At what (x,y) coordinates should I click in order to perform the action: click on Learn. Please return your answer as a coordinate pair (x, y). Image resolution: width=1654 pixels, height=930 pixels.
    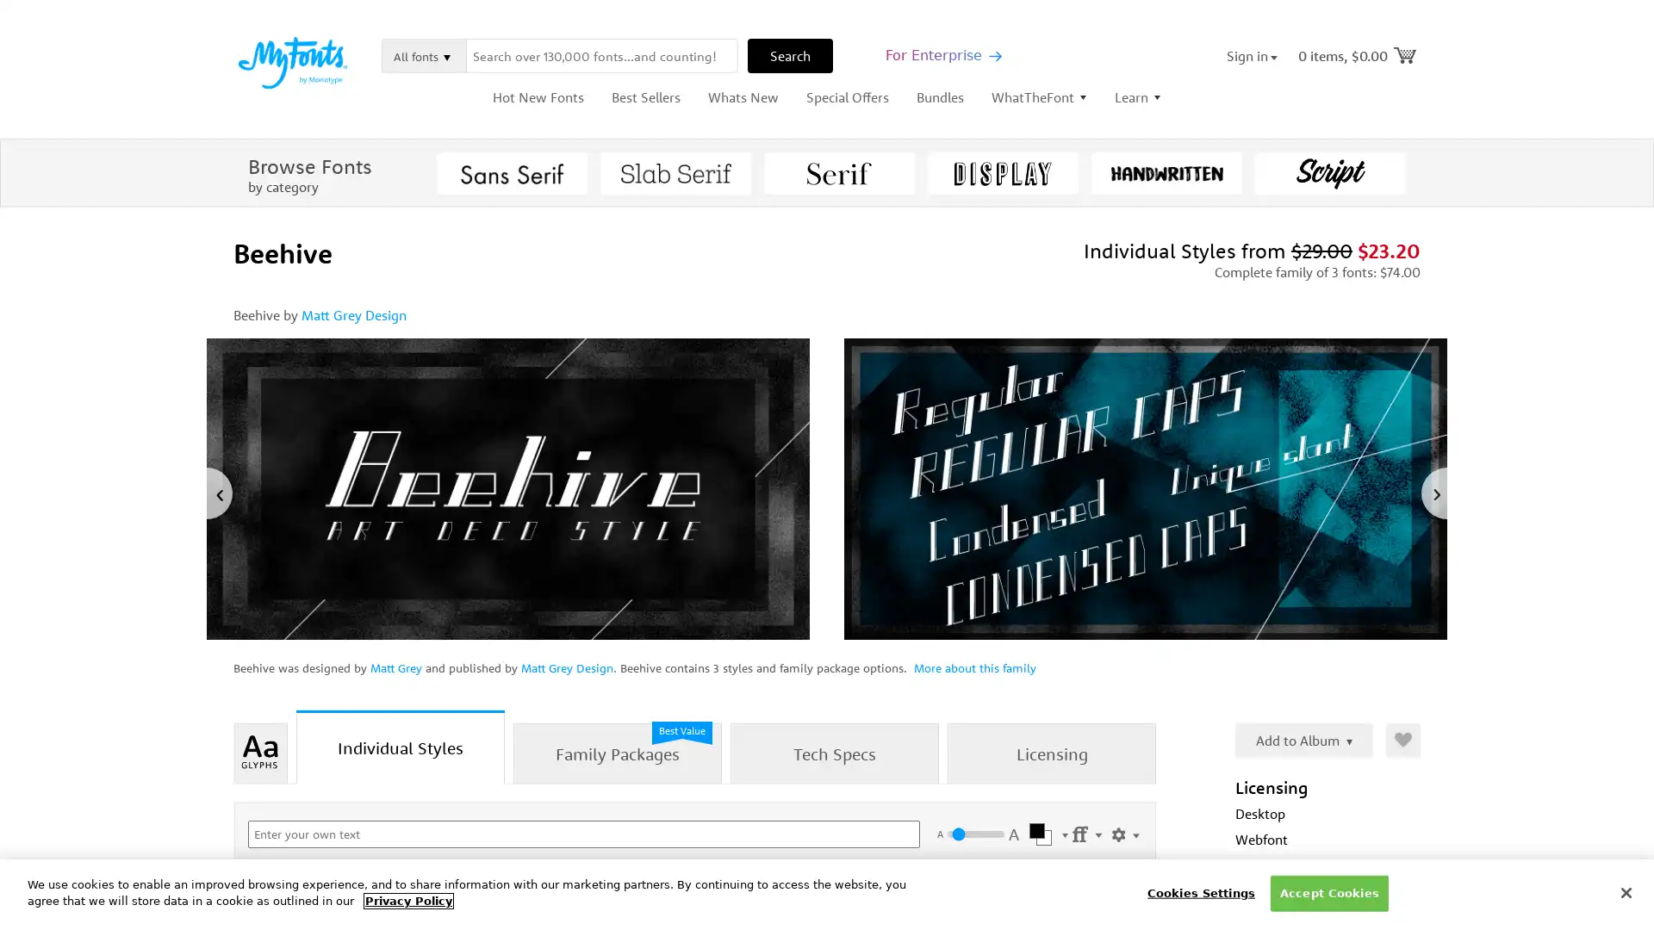
    Looking at the image, I should click on (1137, 96).